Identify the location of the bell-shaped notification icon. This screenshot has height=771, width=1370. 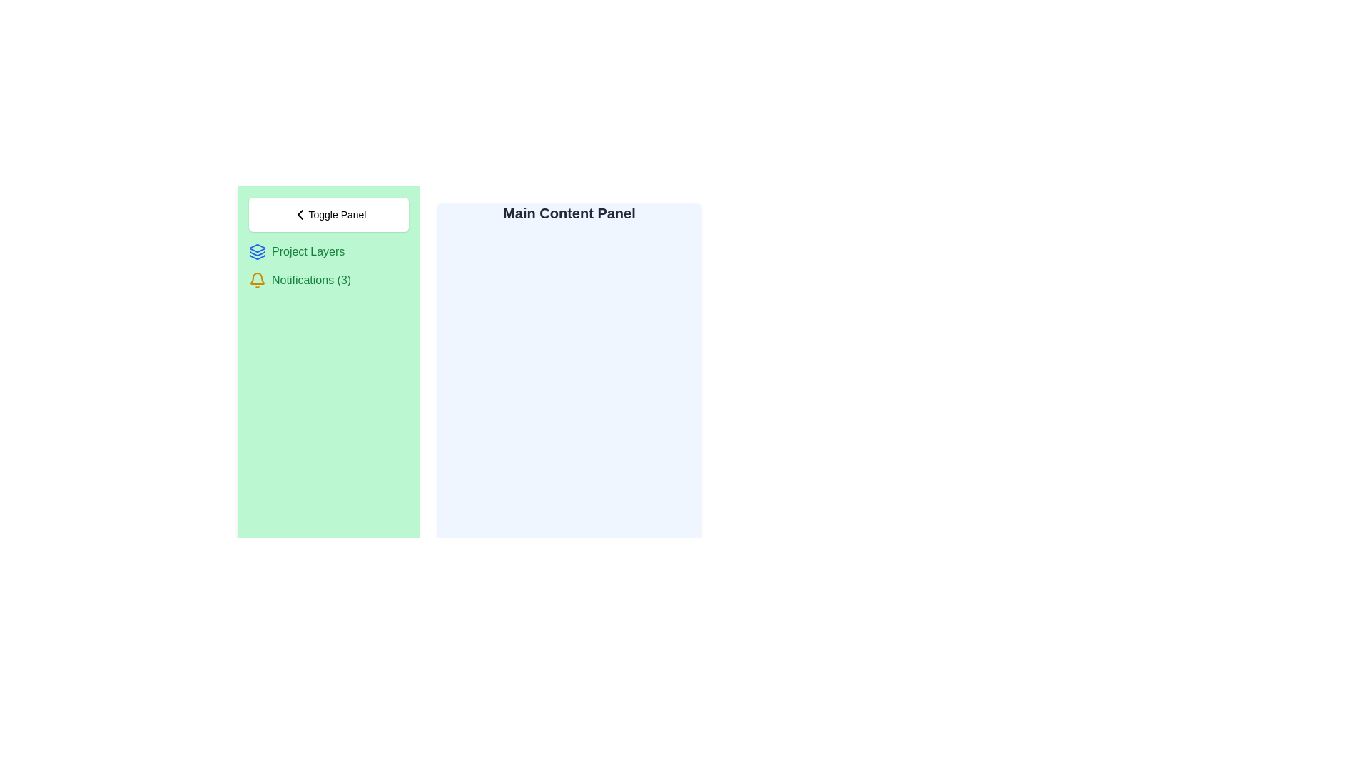
(257, 281).